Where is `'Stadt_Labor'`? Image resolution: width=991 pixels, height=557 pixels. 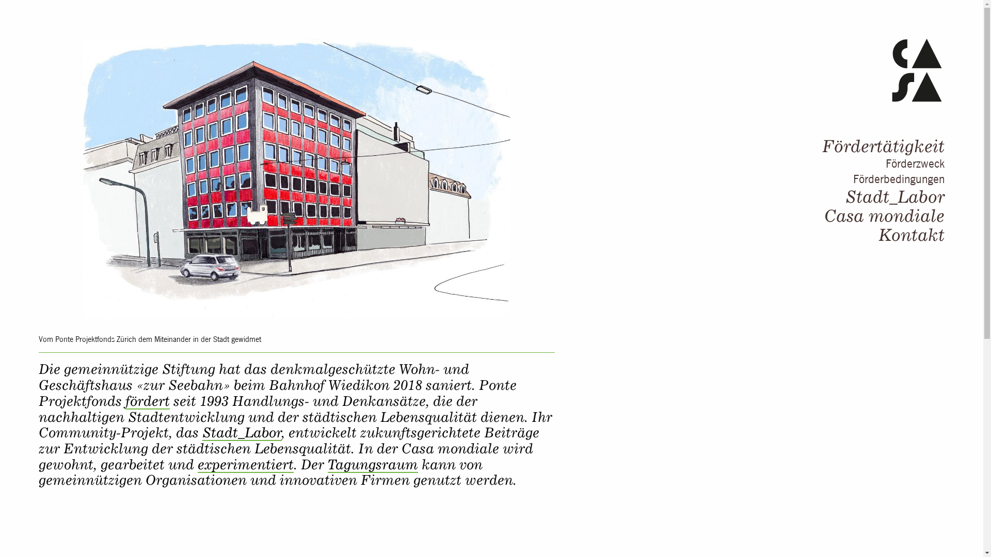
'Stadt_Labor' is located at coordinates (242, 433).